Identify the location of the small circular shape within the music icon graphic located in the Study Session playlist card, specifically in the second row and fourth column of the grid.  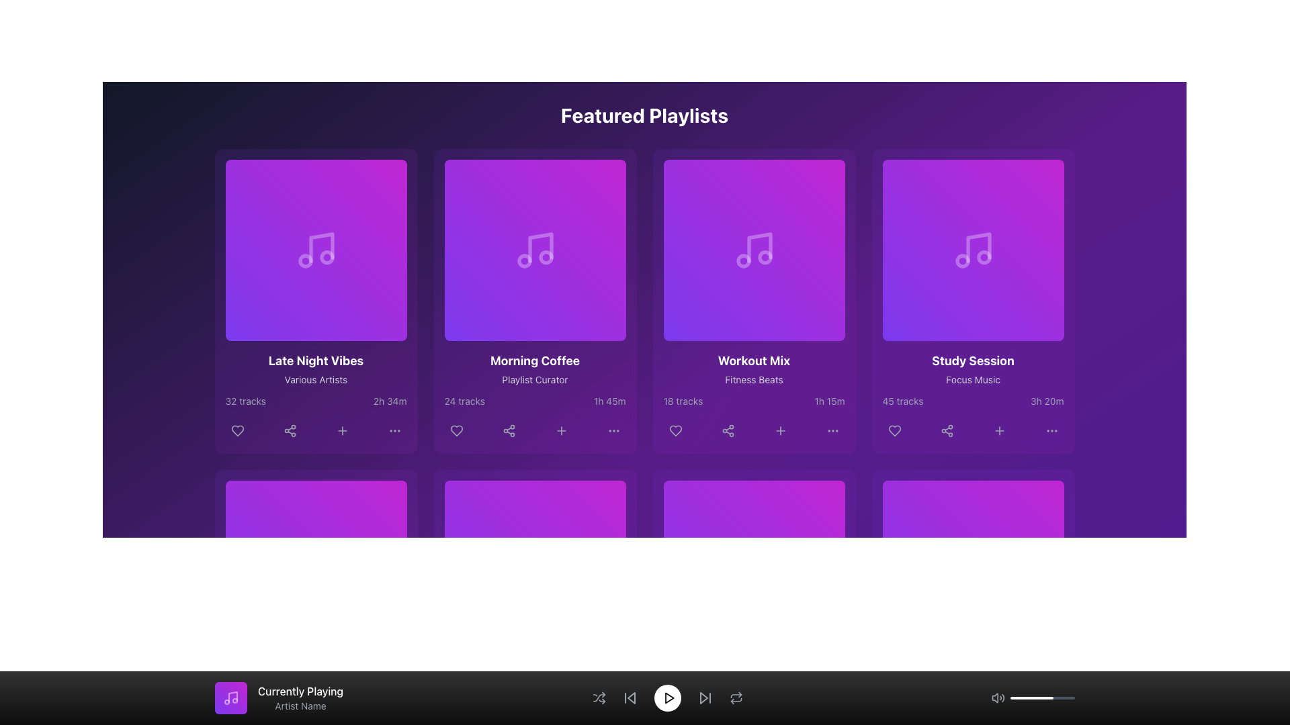
(984, 257).